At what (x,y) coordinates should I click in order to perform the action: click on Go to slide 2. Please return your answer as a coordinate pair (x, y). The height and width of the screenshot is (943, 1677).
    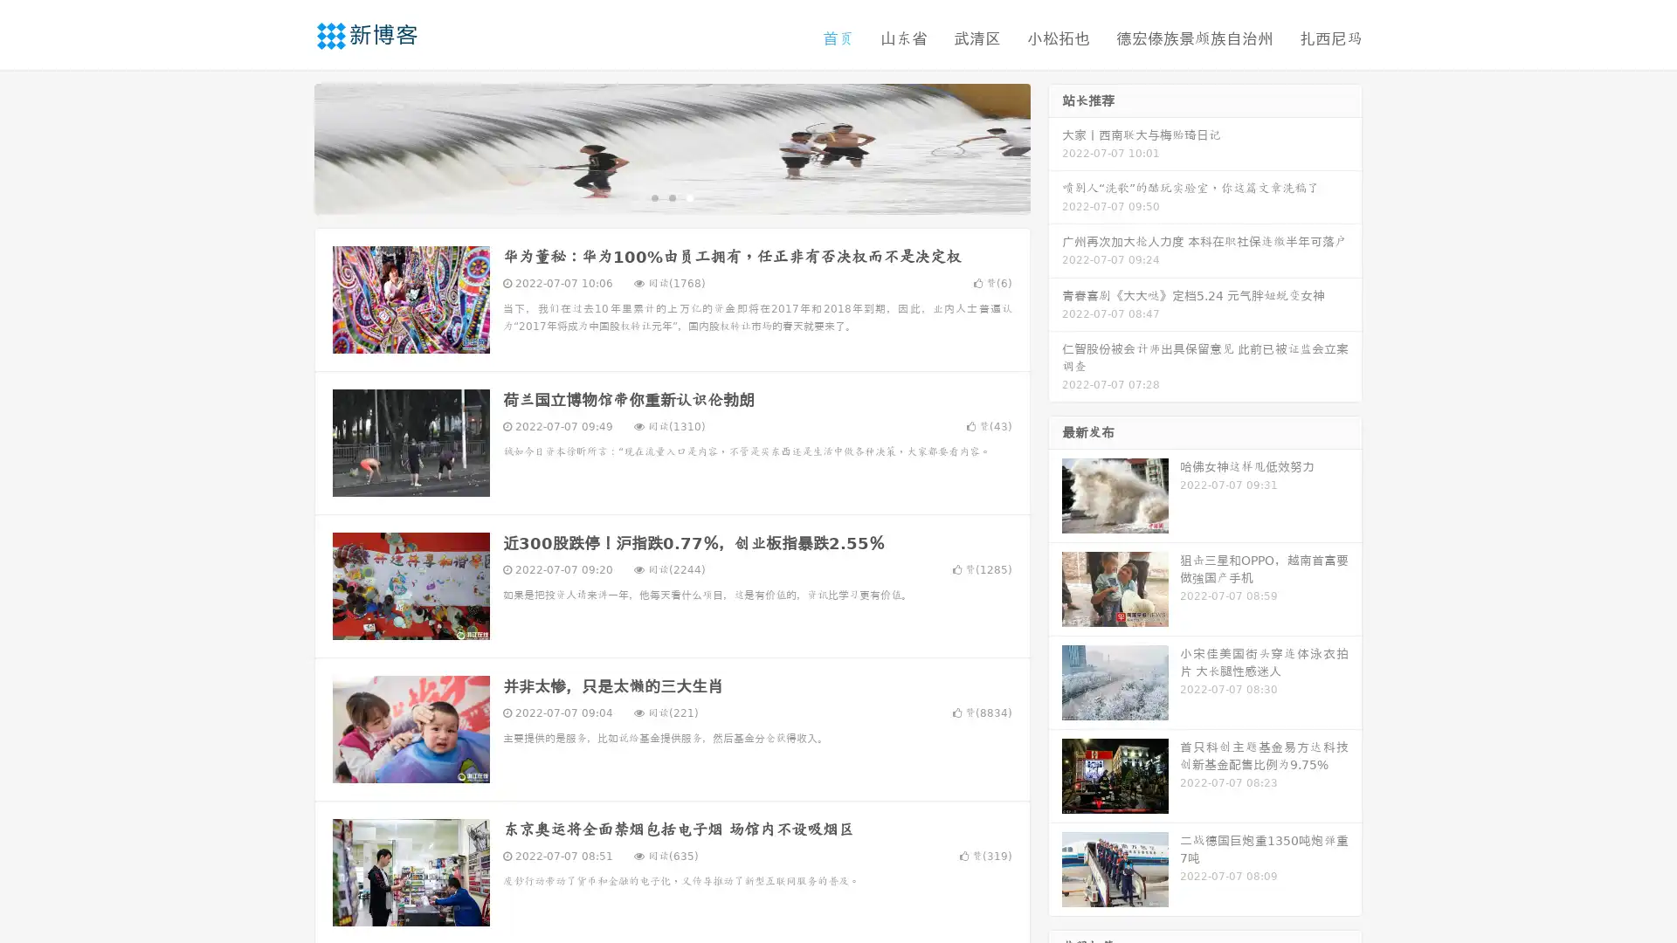
    Looking at the image, I should click on (671, 196).